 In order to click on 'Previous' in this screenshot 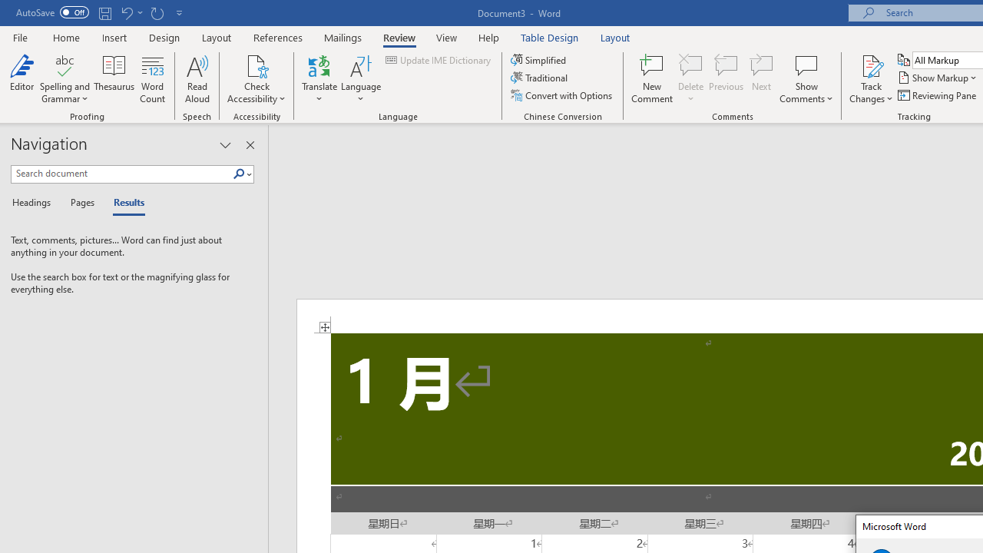, I will do `click(726, 79)`.